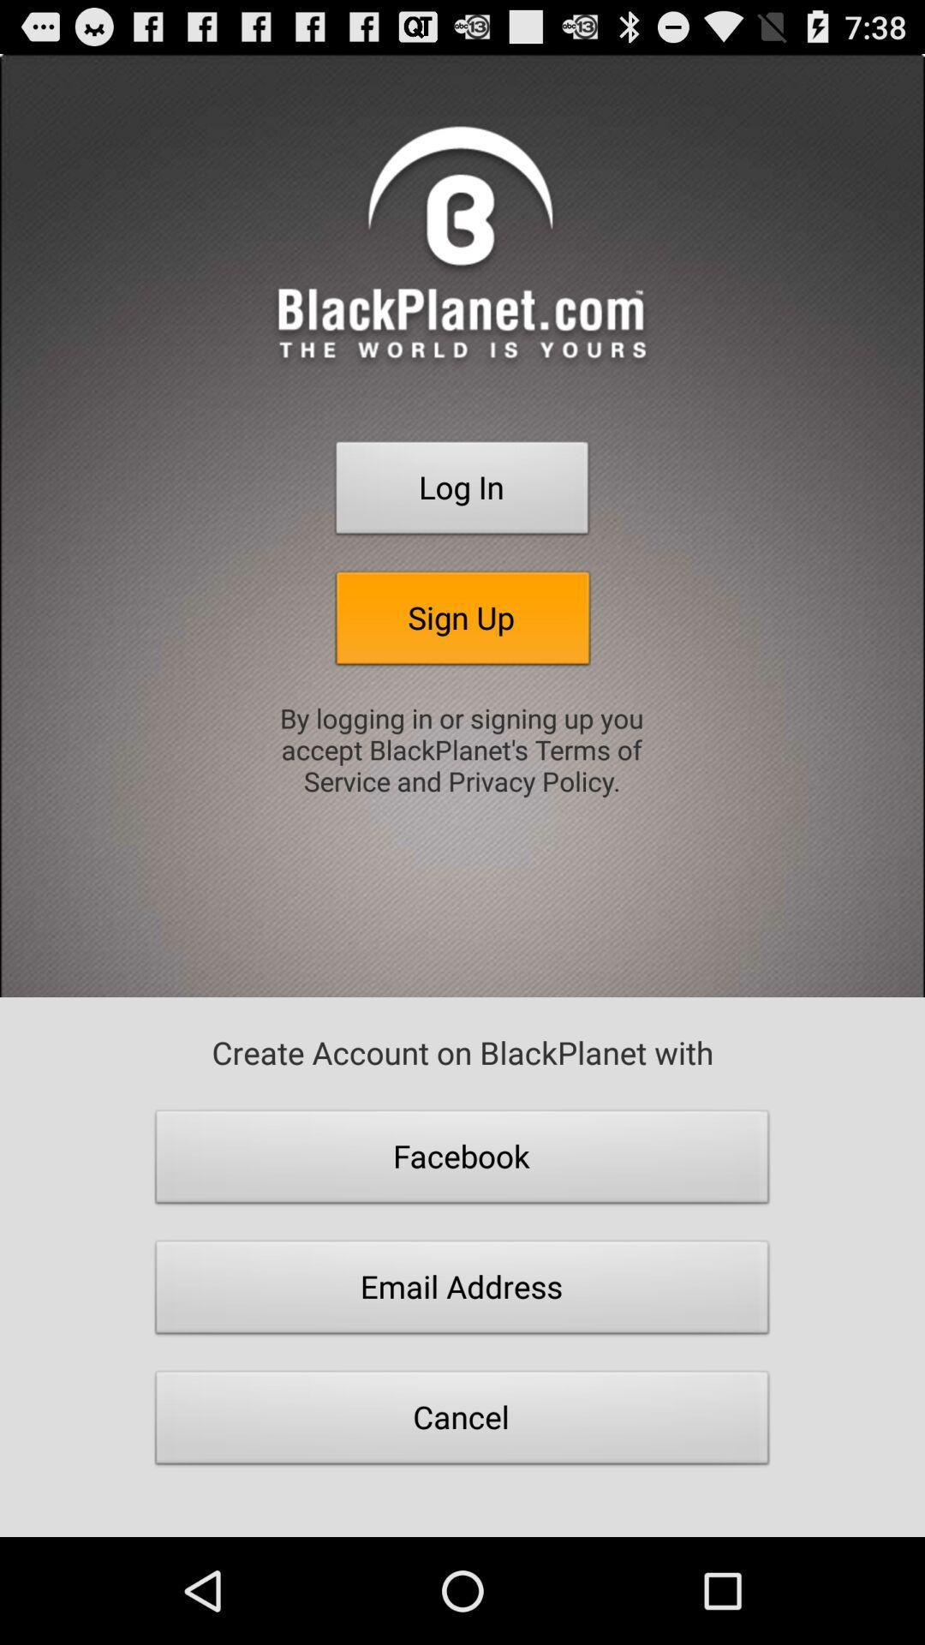 The image size is (925, 1645). What do you see at coordinates (462, 492) in the screenshot?
I see `the log in item` at bounding box center [462, 492].